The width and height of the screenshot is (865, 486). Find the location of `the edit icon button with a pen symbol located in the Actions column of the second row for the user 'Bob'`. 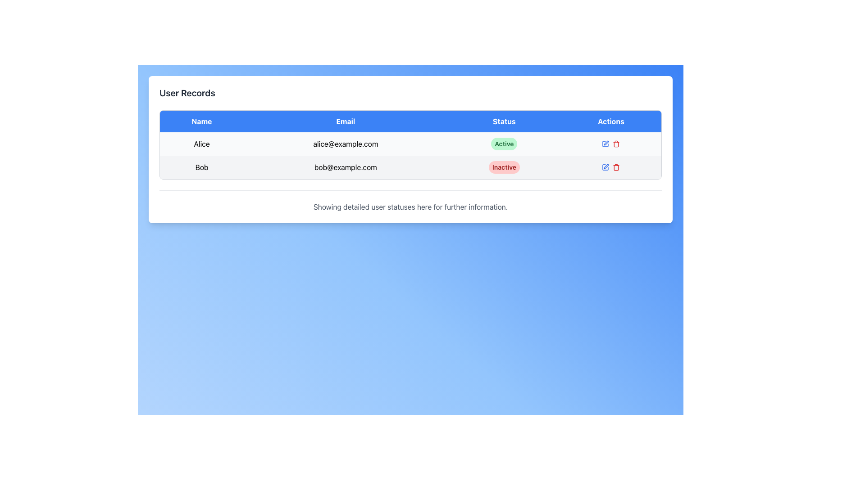

the edit icon button with a pen symbol located in the Actions column of the second row for the user 'Bob' is located at coordinates (605, 167).